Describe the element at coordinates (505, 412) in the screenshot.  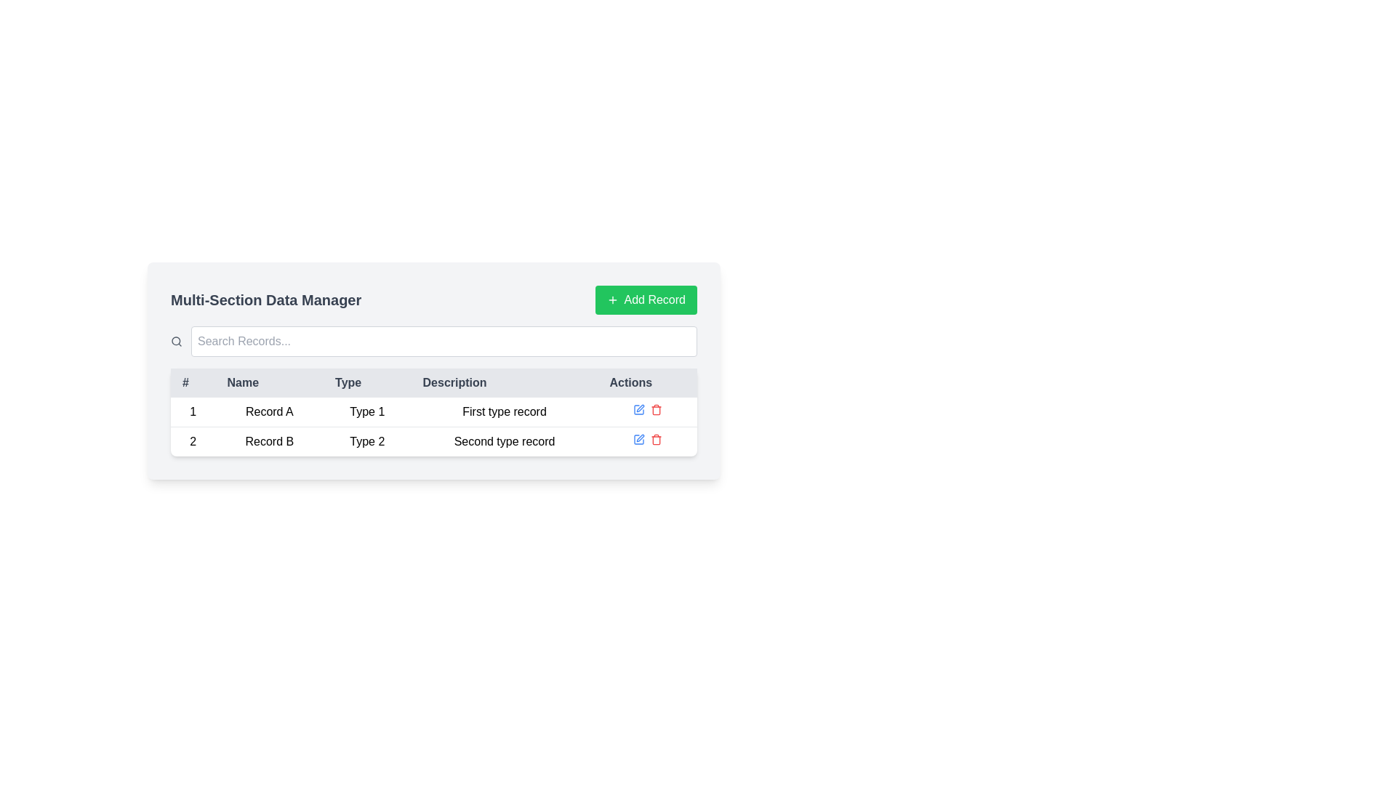
I see `the text label displaying 'First type record' located in the 'Description' column of the first row in the data table, which is positioned between the 'Type 1' entry and the 'Actions' section` at that location.